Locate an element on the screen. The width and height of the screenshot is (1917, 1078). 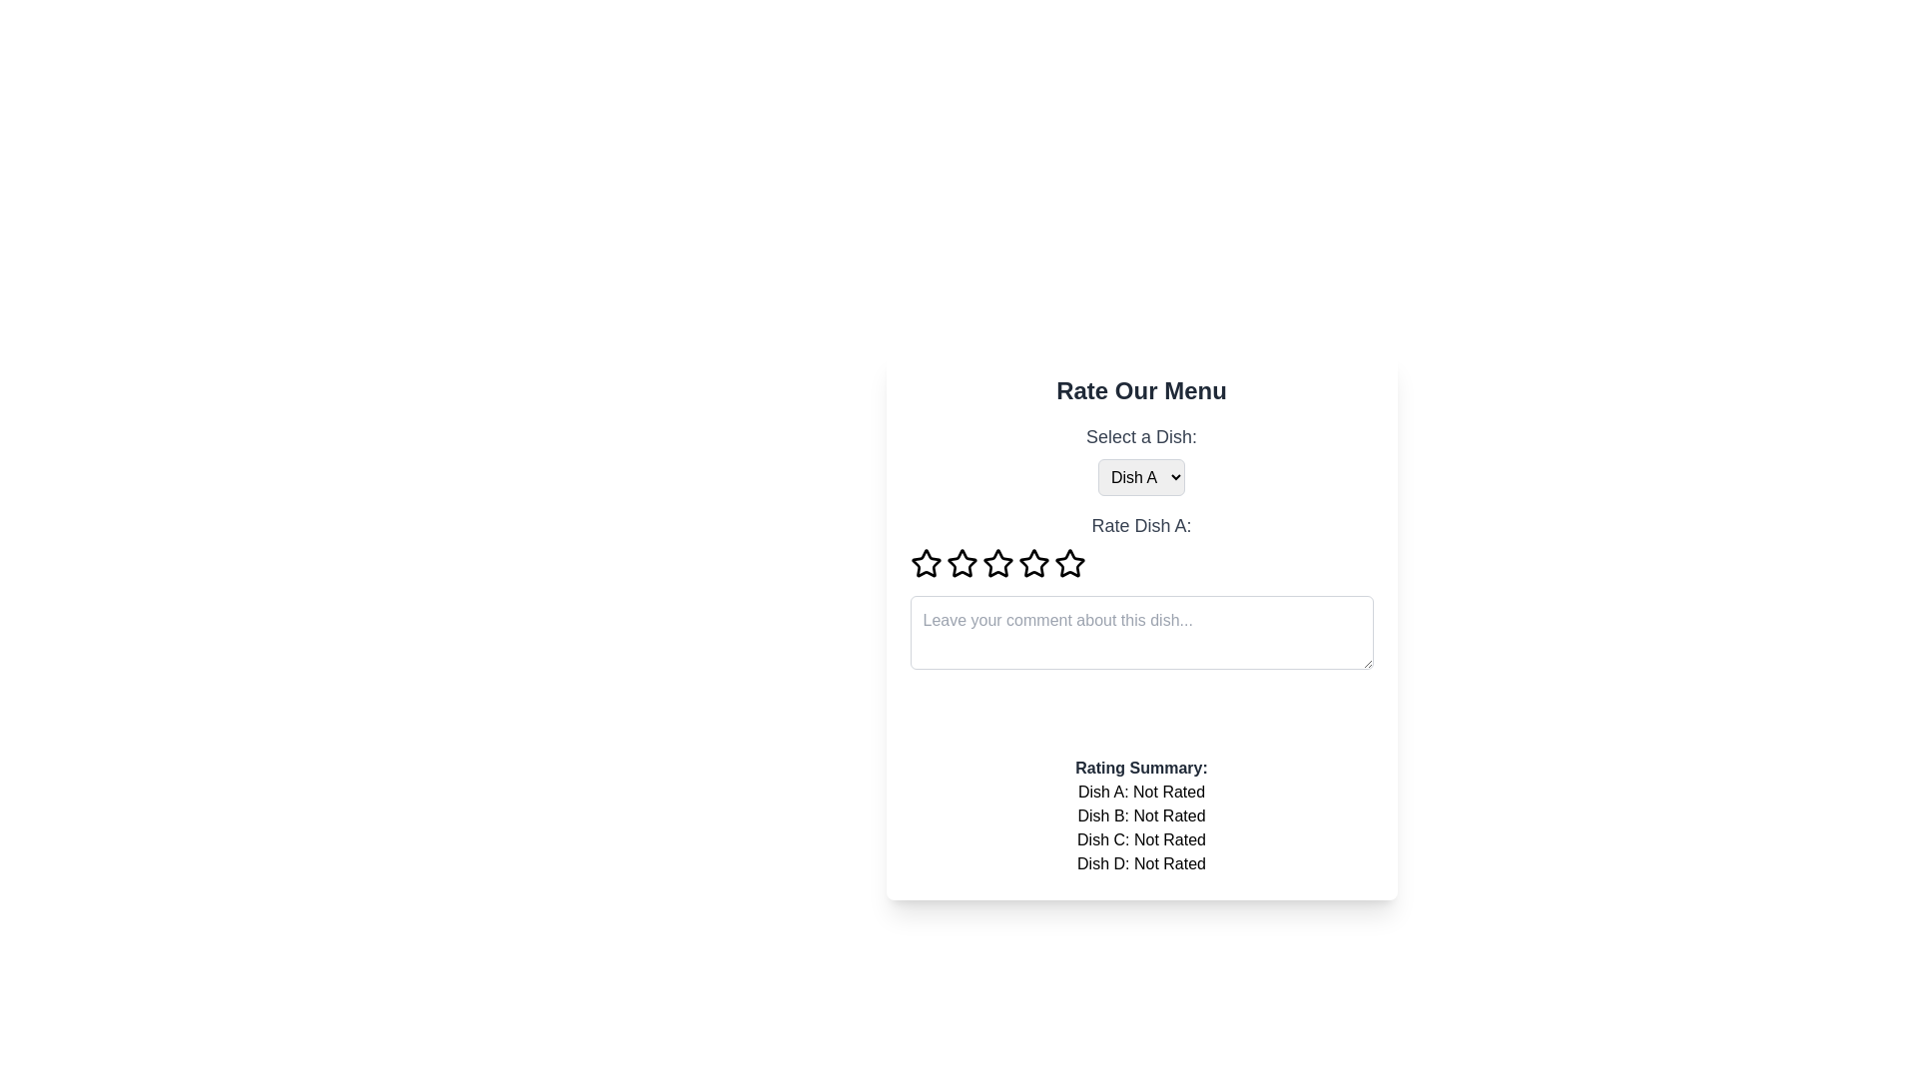
the fifth star icon in the rating section is located at coordinates (1068, 563).